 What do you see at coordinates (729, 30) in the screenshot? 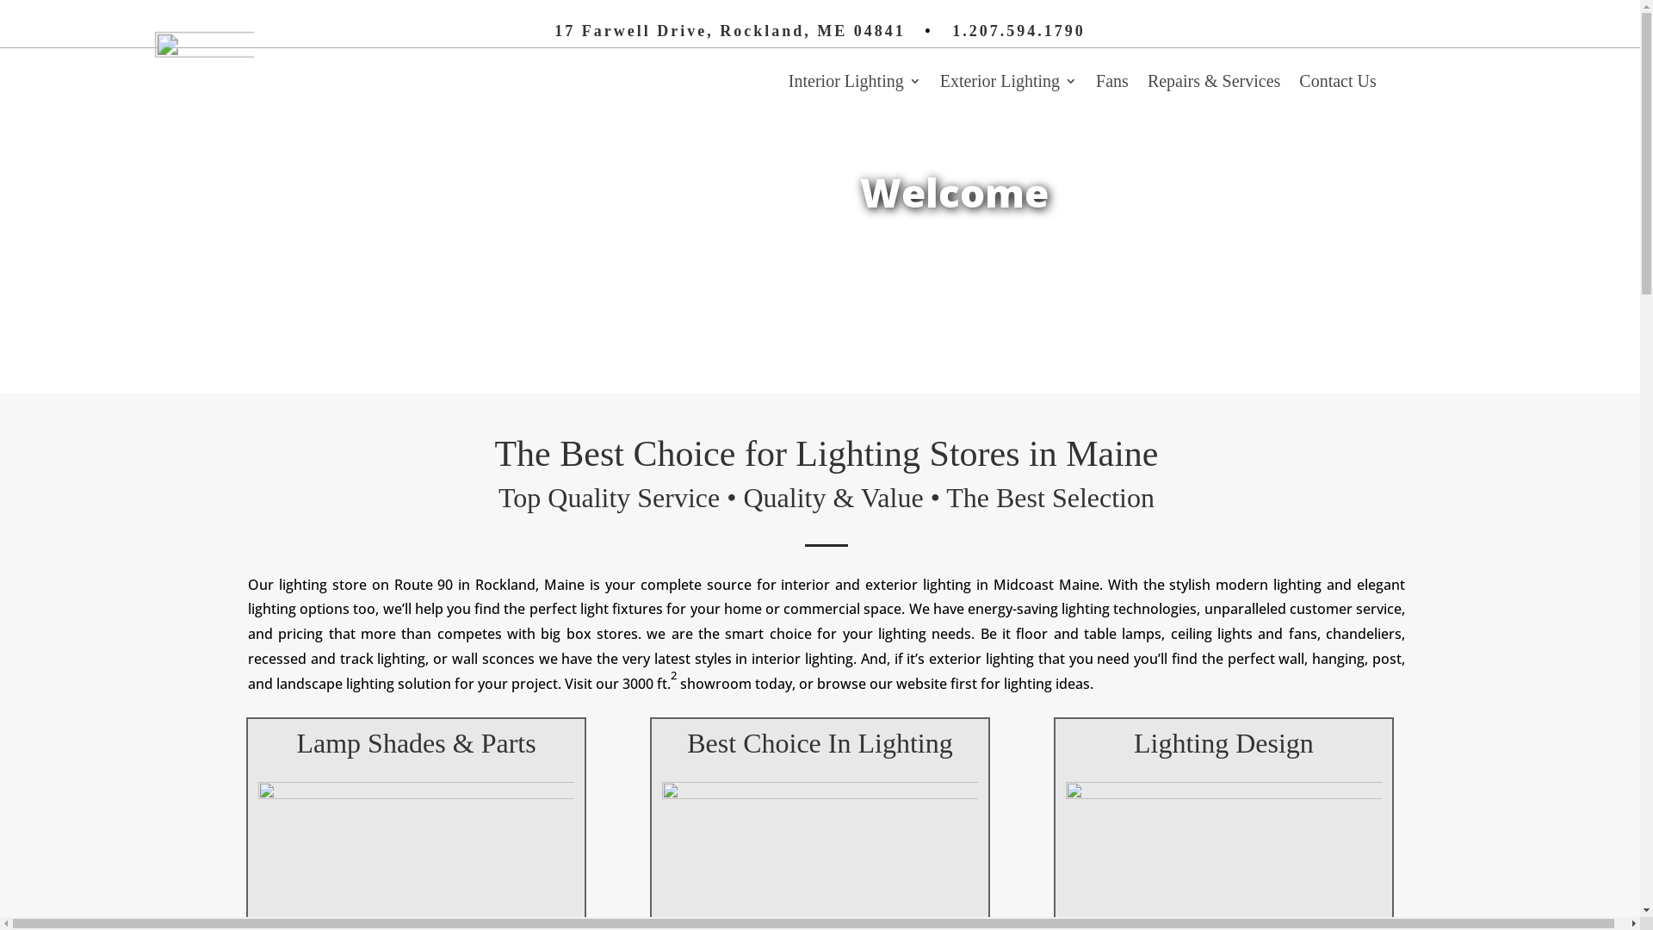
I see `'17 Farwell Drive, Rockland, ME 04841'` at bounding box center [729, 30].